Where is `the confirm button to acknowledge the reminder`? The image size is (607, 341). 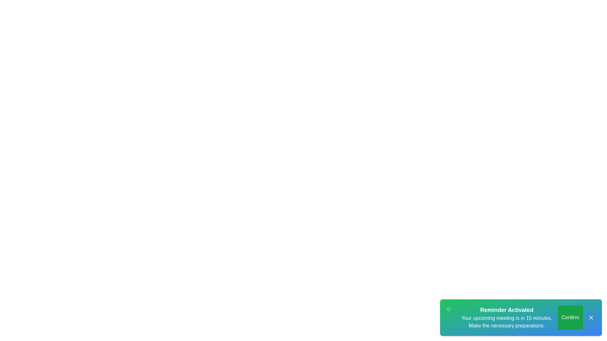
the confirm button to acknowledge the reminder is located at coordinates (570, 318).